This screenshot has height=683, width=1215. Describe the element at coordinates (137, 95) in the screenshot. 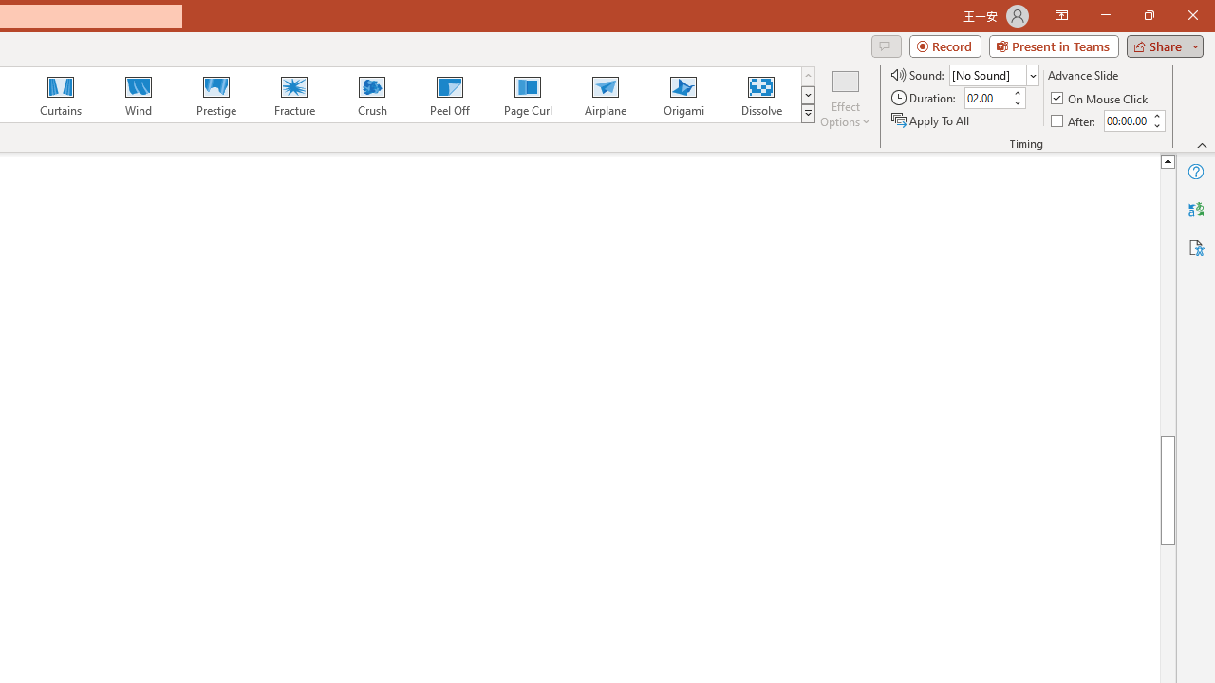

I see `'Wind'` at that location.